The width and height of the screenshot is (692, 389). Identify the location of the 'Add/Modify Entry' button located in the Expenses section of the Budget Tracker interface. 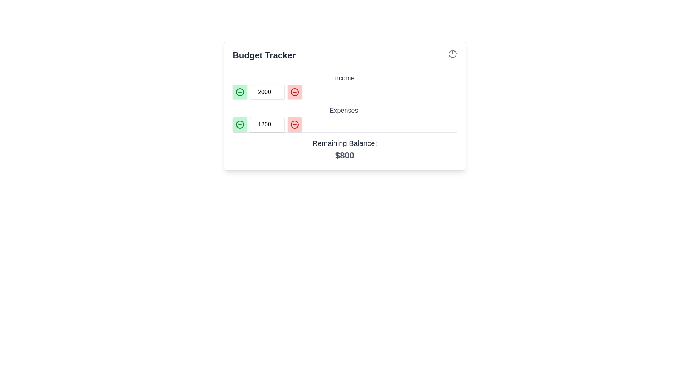
(240, 124).